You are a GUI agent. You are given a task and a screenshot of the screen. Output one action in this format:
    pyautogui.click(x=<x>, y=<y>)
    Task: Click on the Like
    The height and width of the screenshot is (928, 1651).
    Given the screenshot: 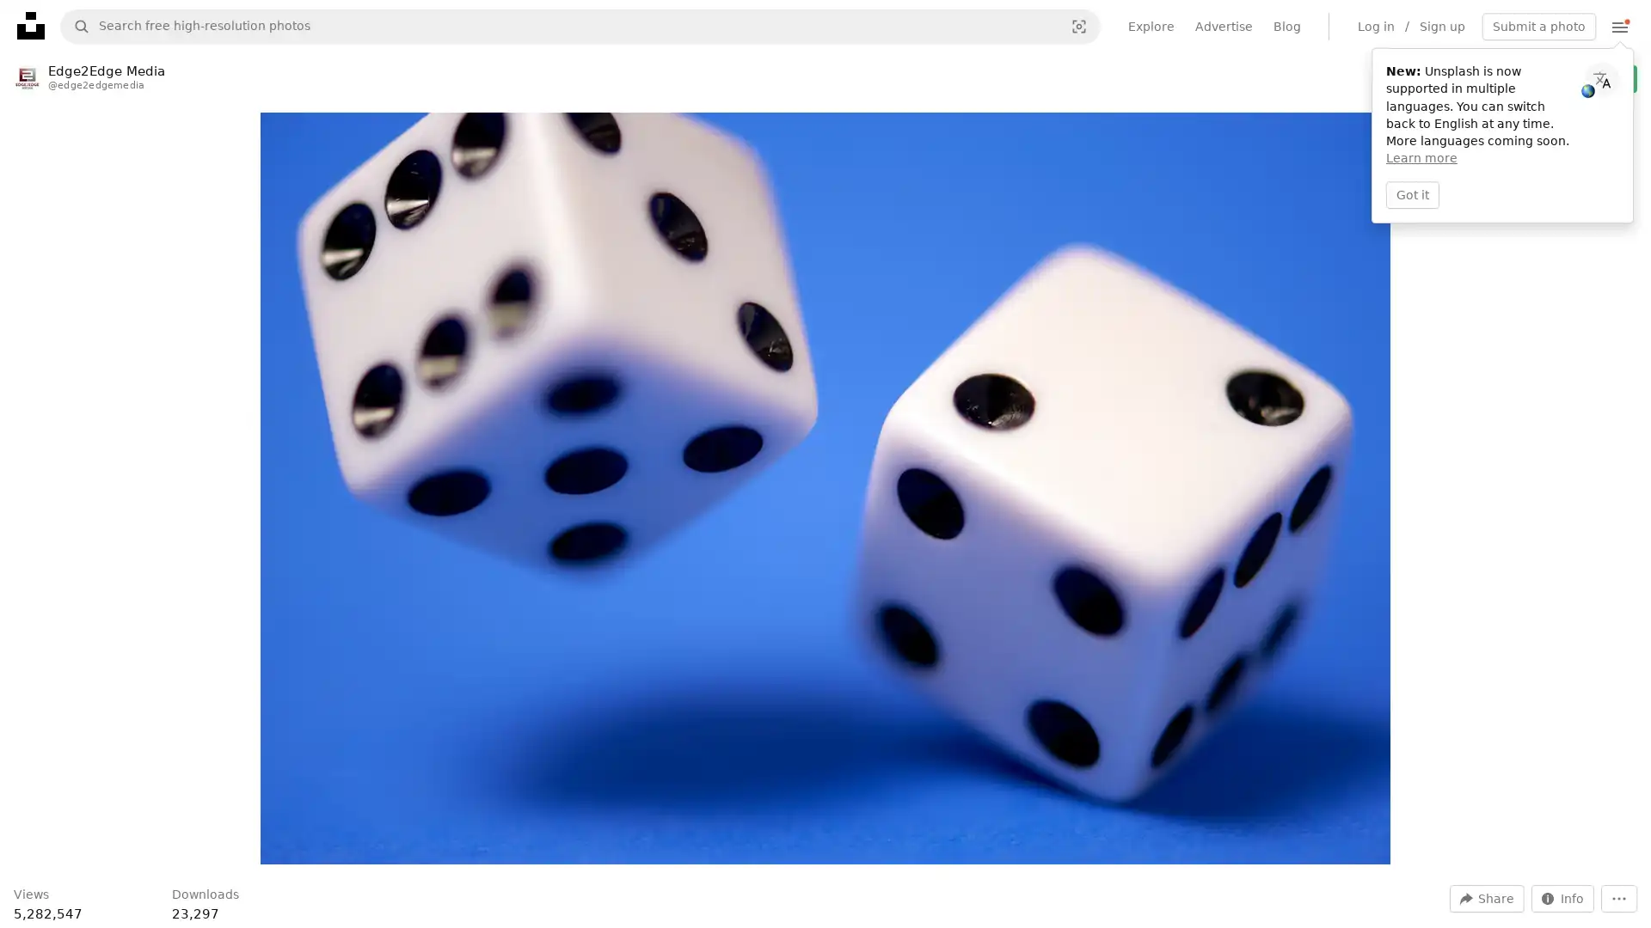 What is the action you would take?
    pyautogui.click(x=1432, y=78)
    